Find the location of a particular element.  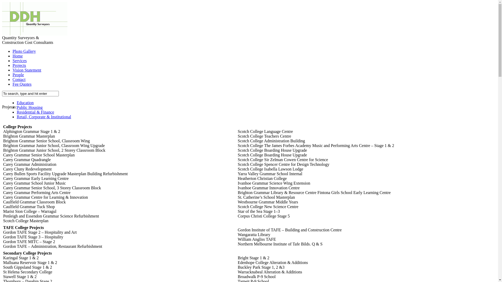

'Home' is located at coordinates (18, 56).